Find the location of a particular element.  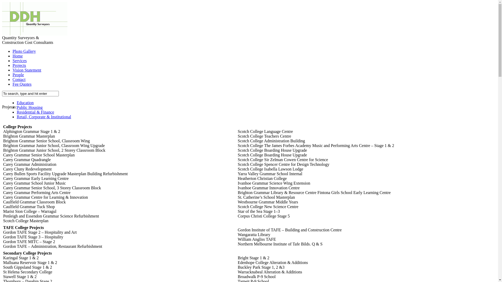

'Home' is located at coordinates (18, 56).